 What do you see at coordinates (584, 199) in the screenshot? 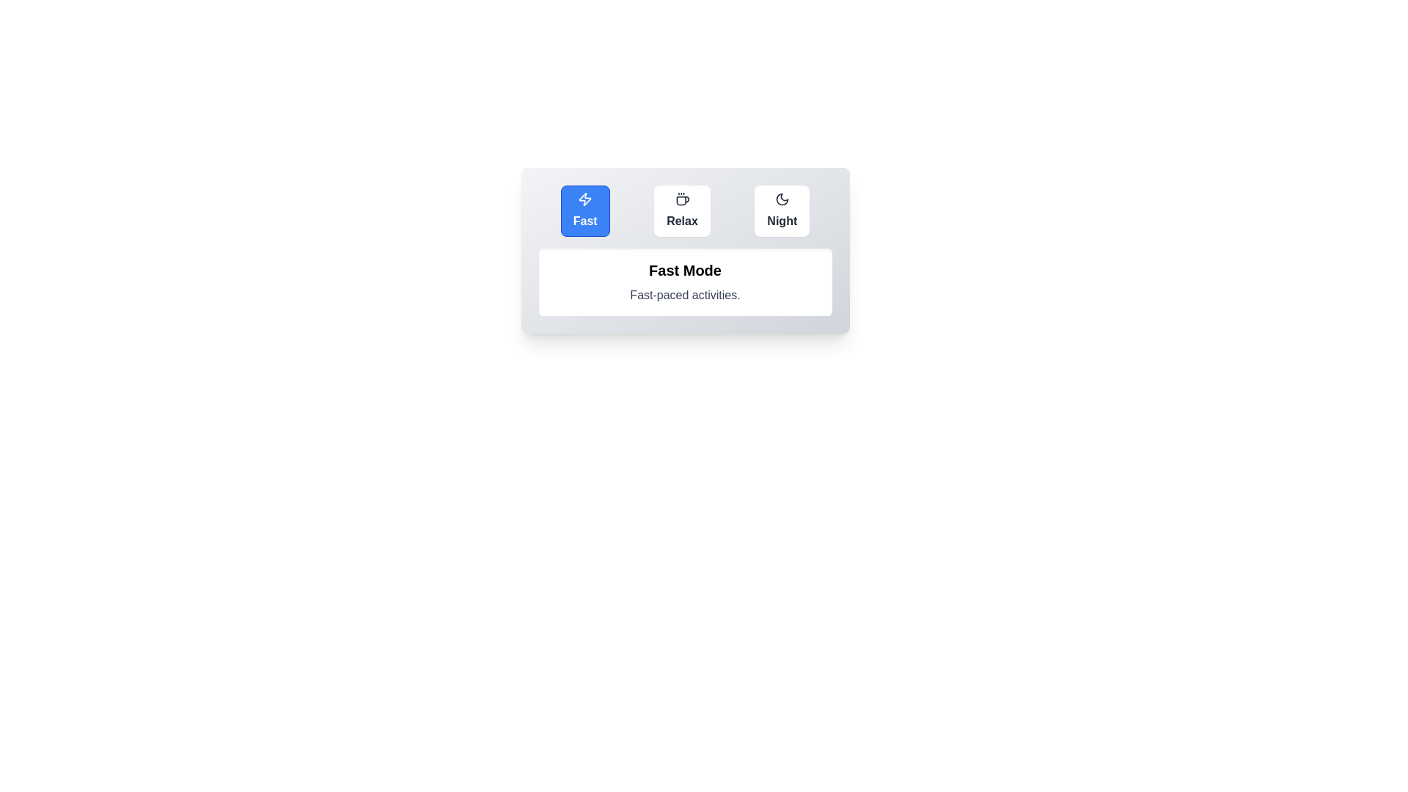
I see `the lightning bolt icon within the blue square background` at bounding box center [584, 199].